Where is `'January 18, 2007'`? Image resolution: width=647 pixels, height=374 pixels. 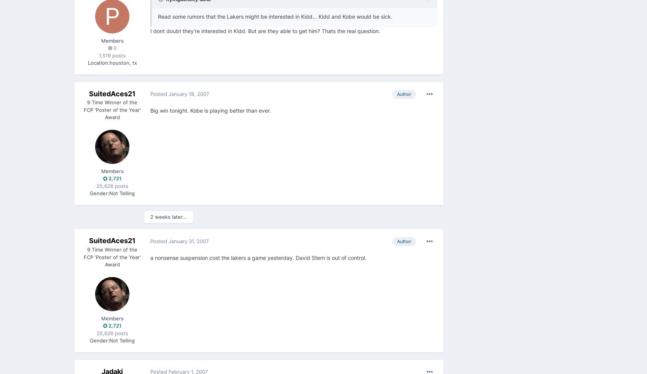
'January 18, 2007' is located at coordinates (189, 94).